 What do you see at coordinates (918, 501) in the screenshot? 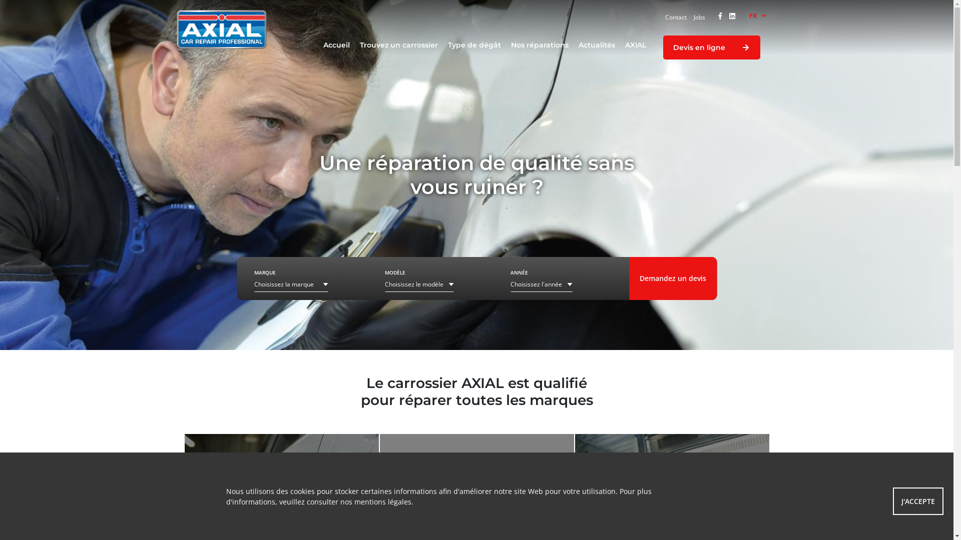
I see `'J'ACCEPTE'` at bounding box center [918, 501].